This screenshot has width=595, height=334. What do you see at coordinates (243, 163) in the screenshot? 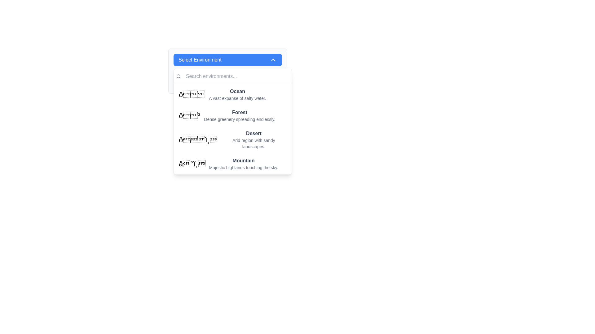
I see `the 'Mountain' environment option in the dropdown menu 'Select Environment', which is the third option in the list` at bounding box center [243, 163].